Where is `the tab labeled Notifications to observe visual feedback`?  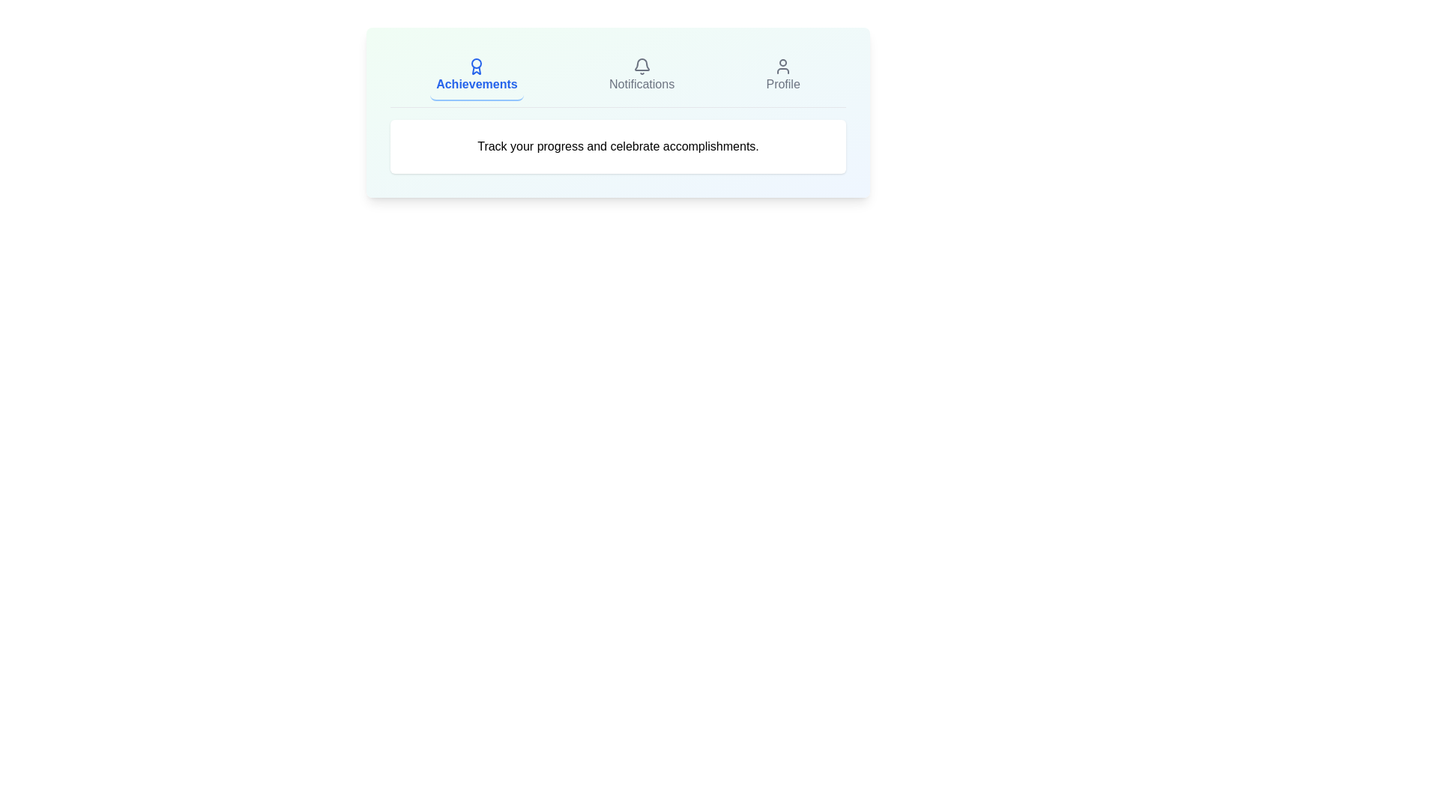 the tab labeled Notifications to observe visual feedback is located at coordinates (642, 76).